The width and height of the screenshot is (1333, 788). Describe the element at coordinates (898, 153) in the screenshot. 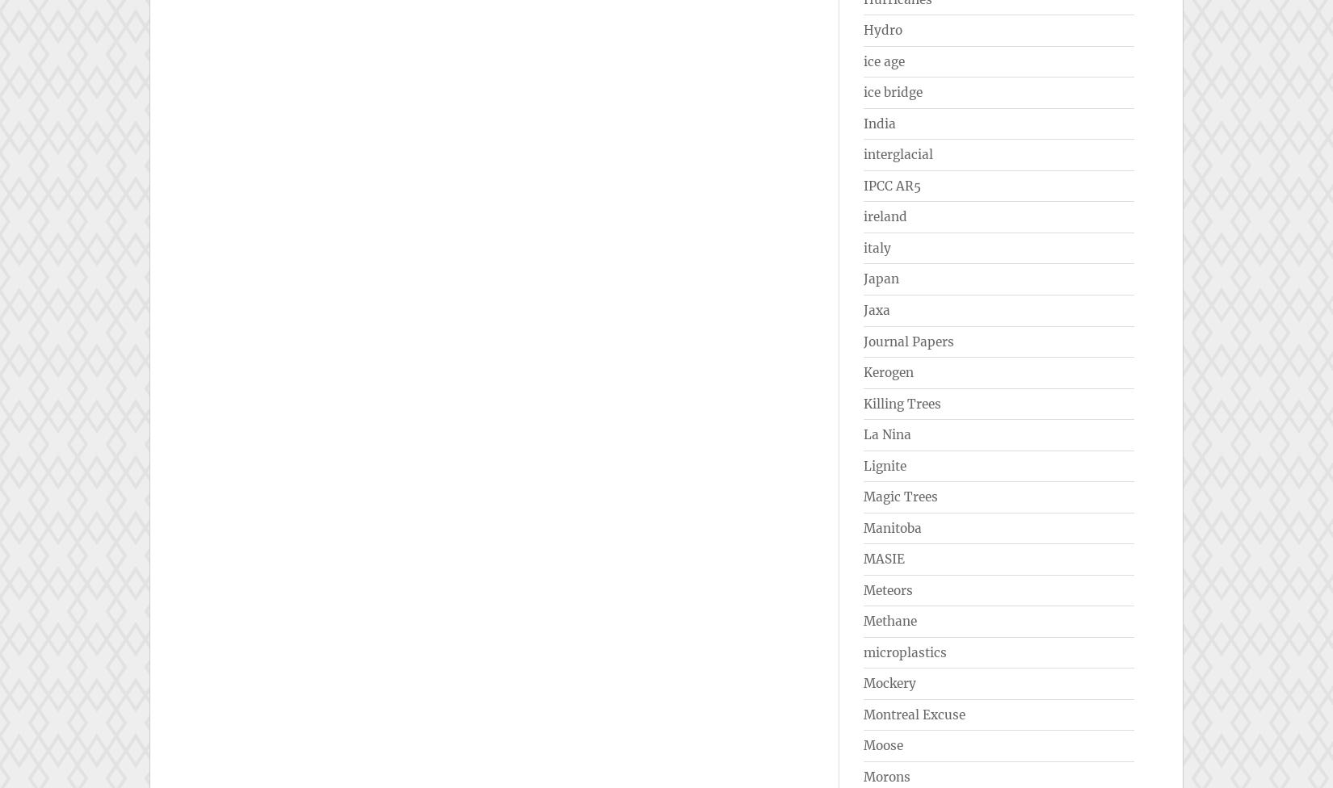

I see `'interglacial'` at that location.